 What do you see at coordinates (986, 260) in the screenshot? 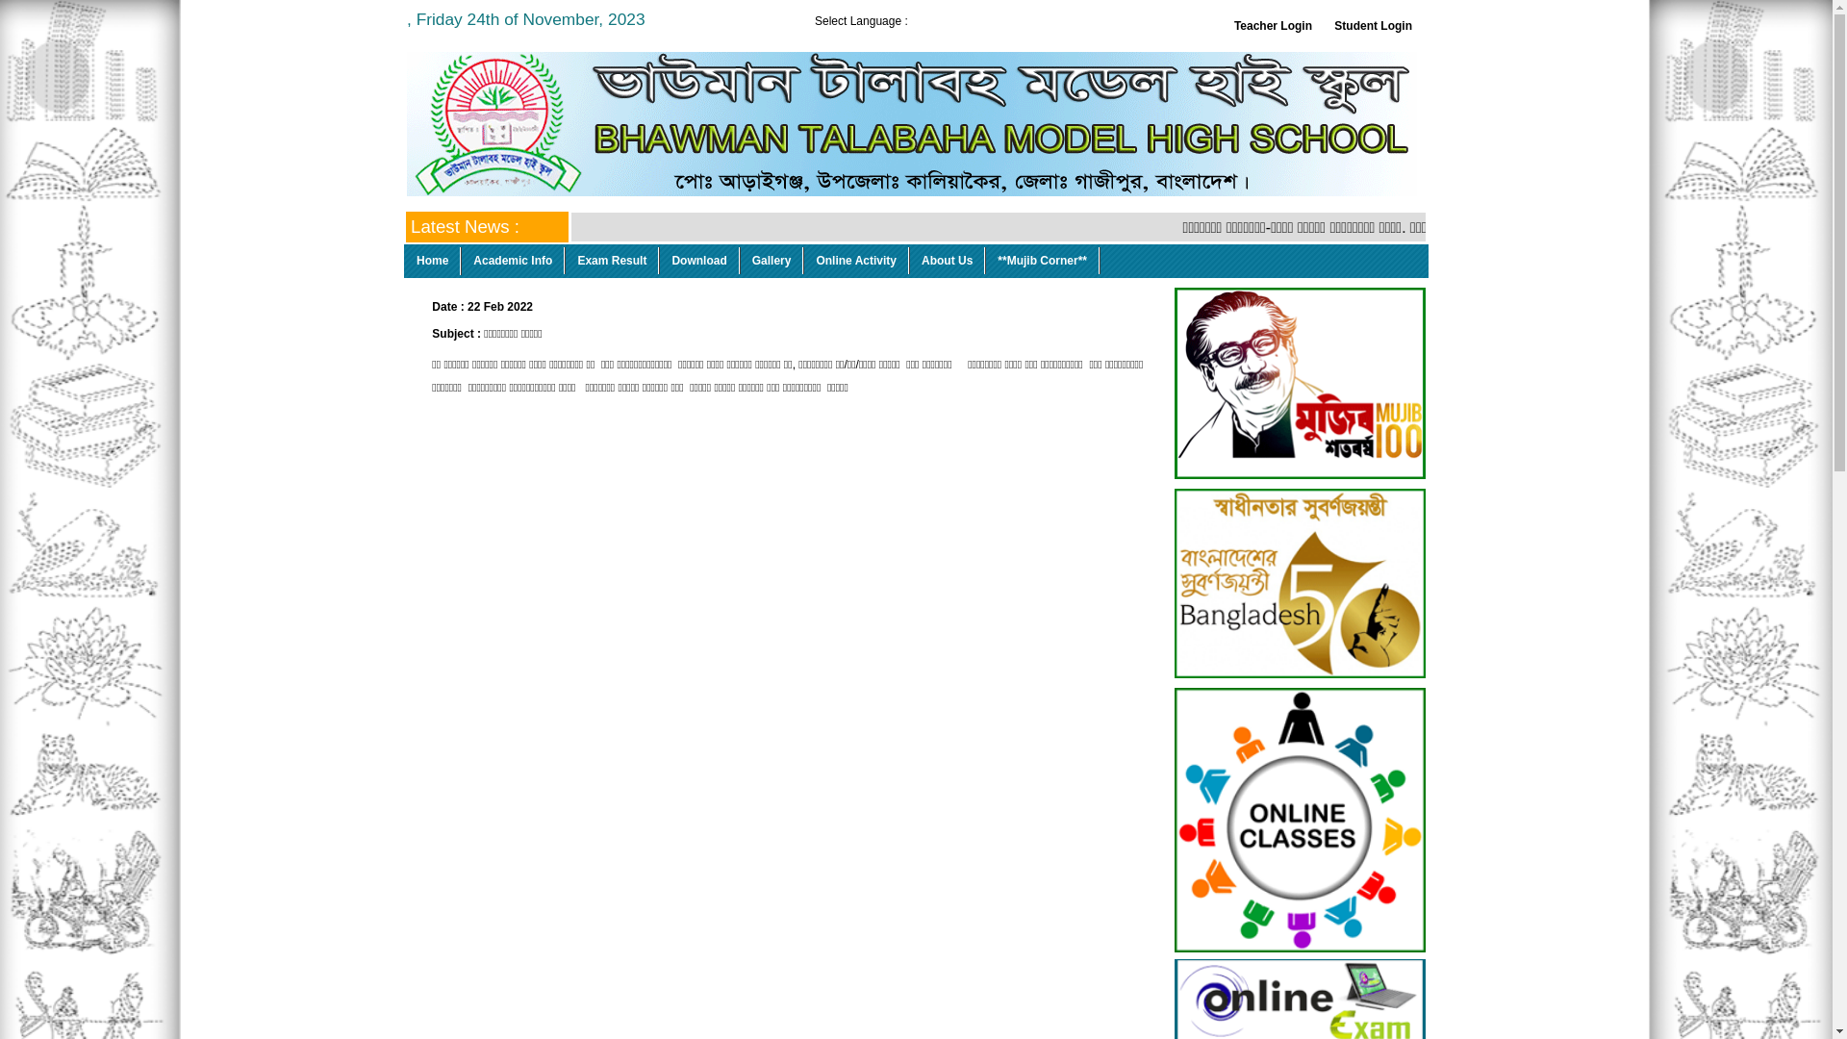
I see `'**Mujib Corner**'` at bounding box center [986, 260].